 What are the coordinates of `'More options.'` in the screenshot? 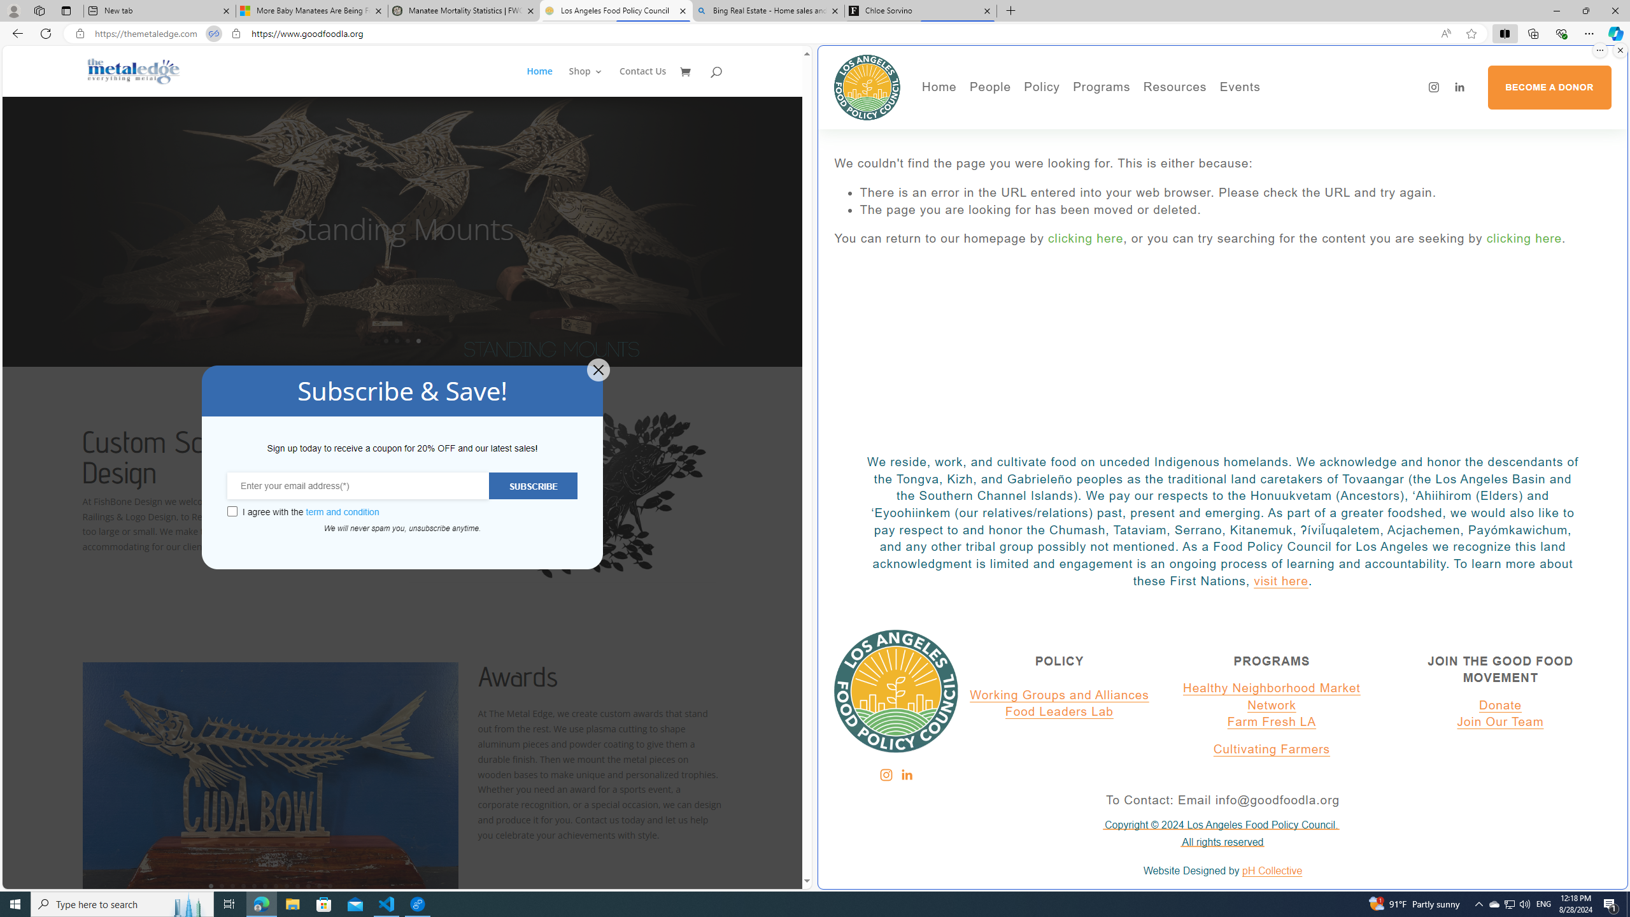 It's located at (1599, 50).